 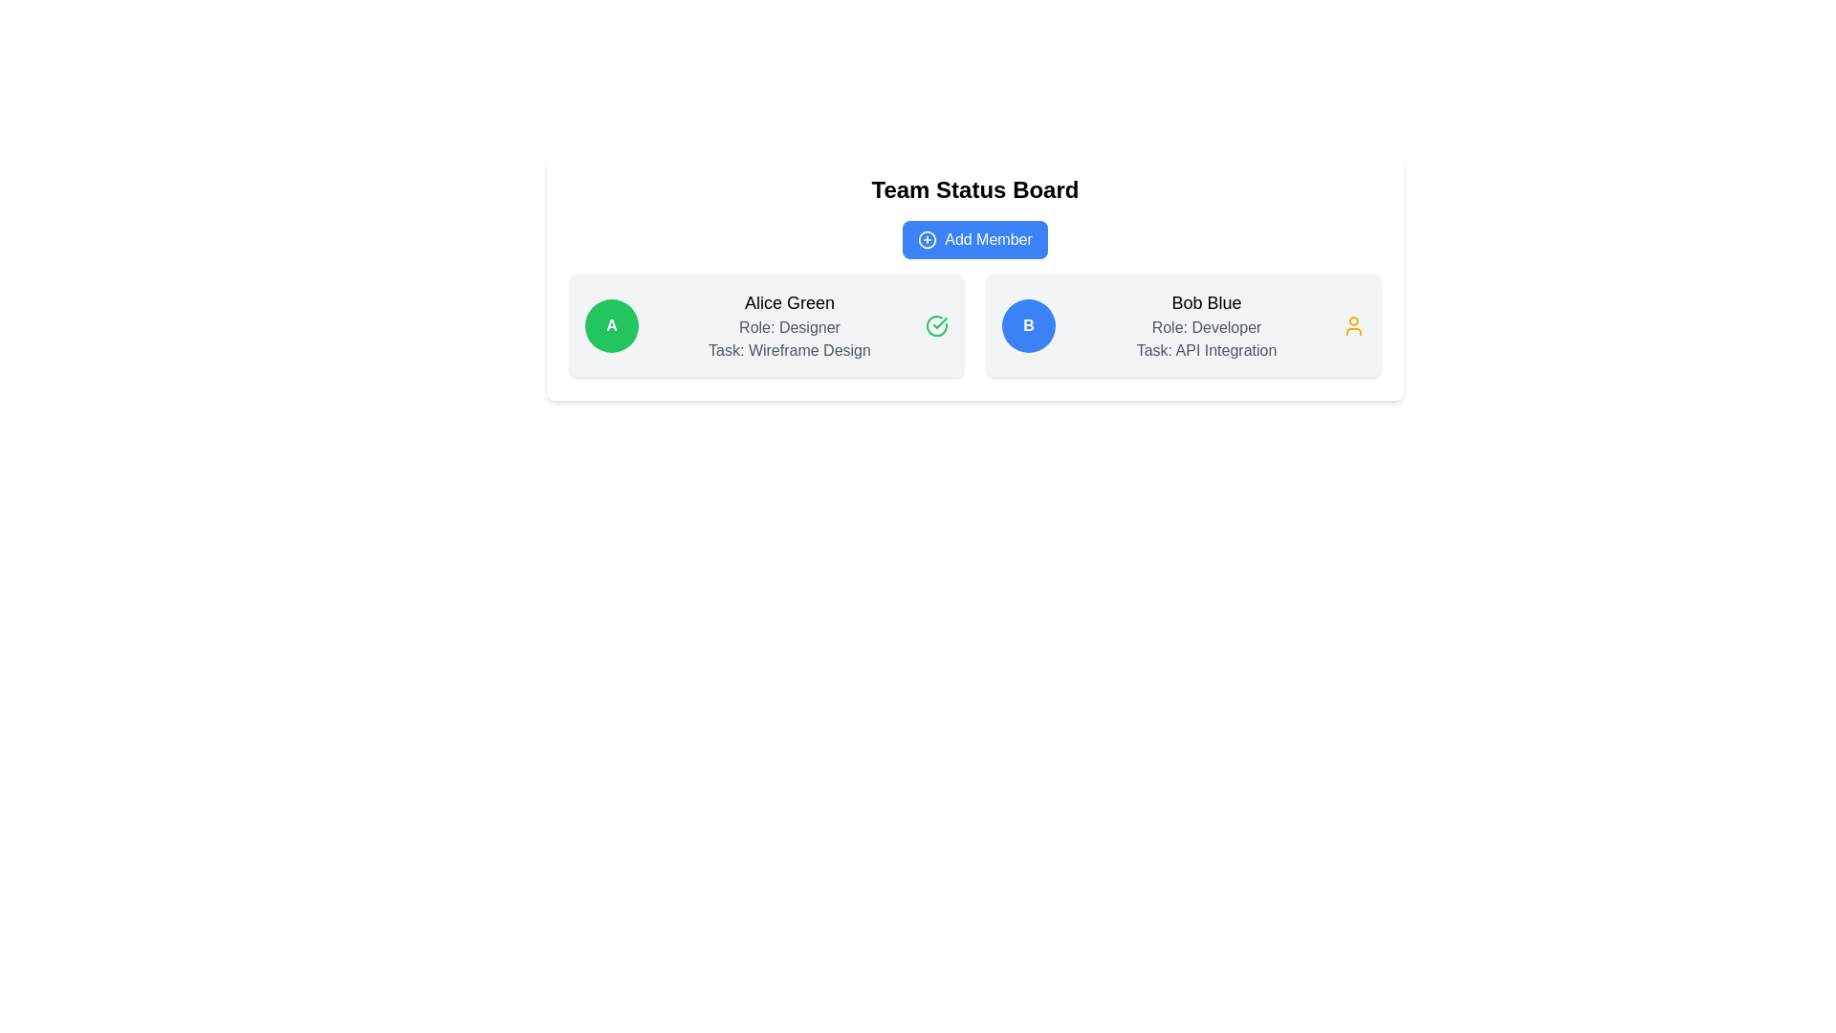 I want to click on the 'Add Member' button, which has a blue background, white text, and a circular plus icon, to trigger hover effects, so click(x=974, y=238).